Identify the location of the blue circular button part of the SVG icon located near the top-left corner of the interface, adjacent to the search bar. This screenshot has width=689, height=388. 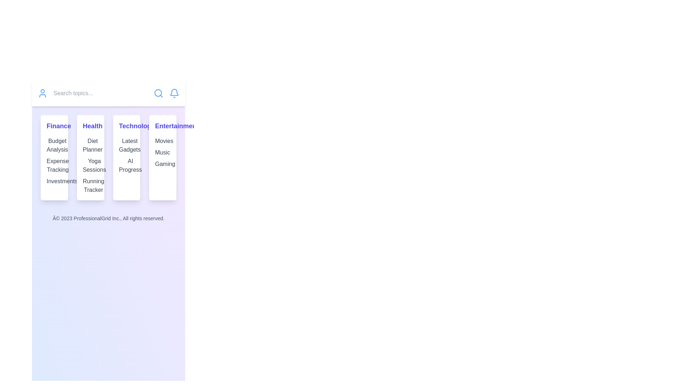
(42, 91).